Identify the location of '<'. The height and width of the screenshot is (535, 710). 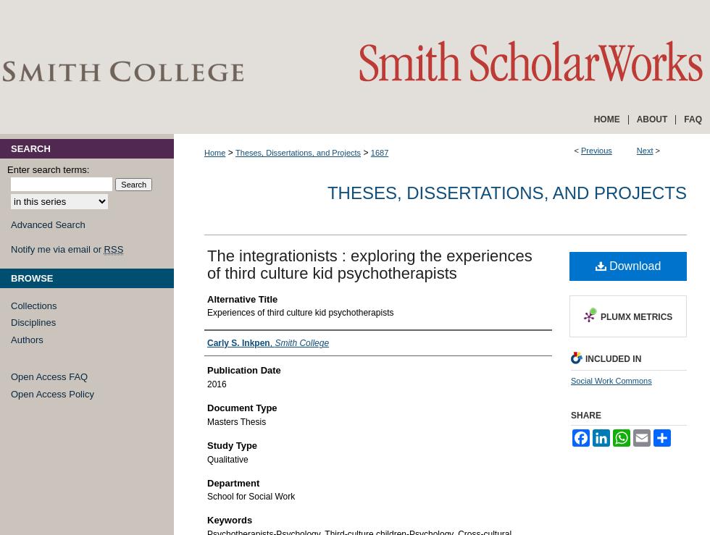
(577, 150).